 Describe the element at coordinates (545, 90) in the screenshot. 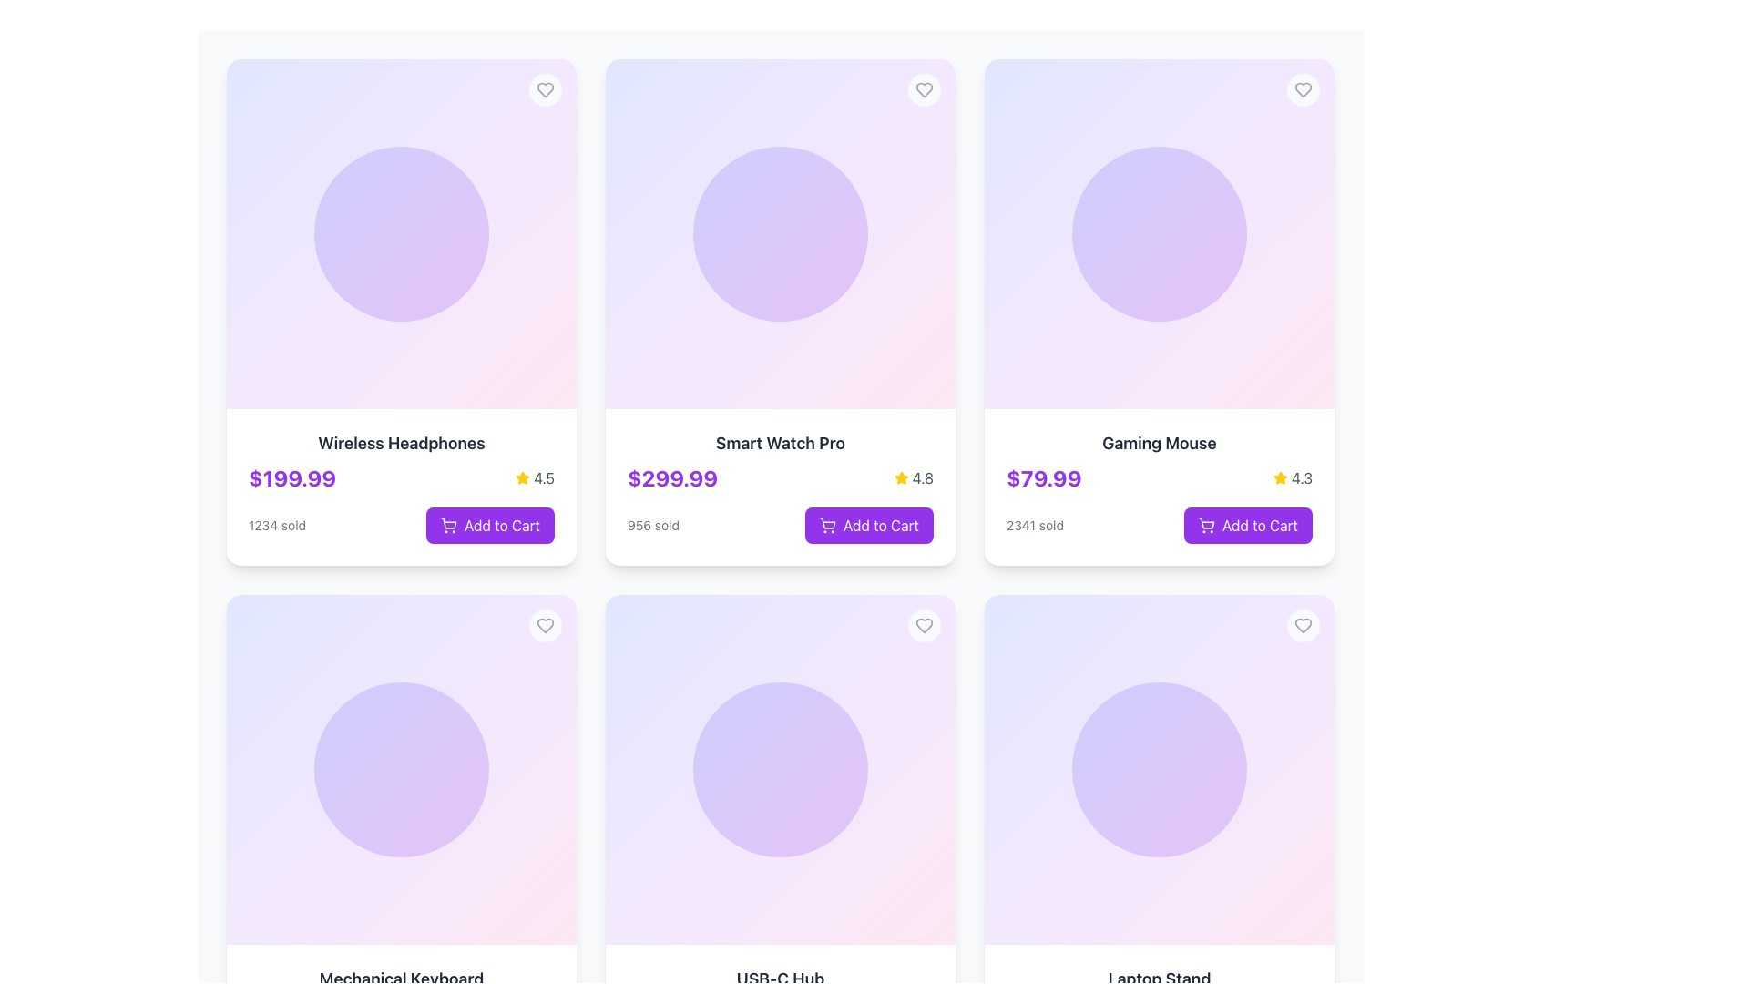

I see `the Icon button located in the top-right corner of the product card for 'Wireless Headphones'` at that location.